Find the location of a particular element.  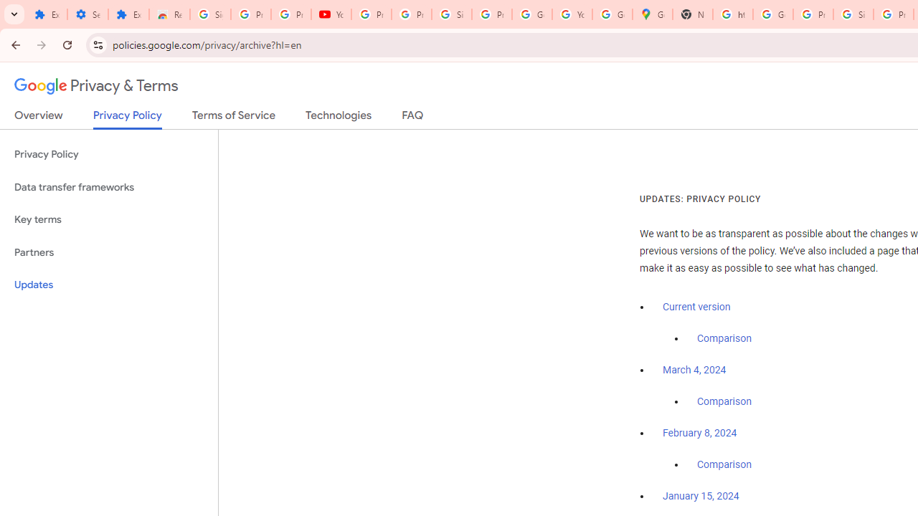

'Comparison' is located at coordinates (724, 465).